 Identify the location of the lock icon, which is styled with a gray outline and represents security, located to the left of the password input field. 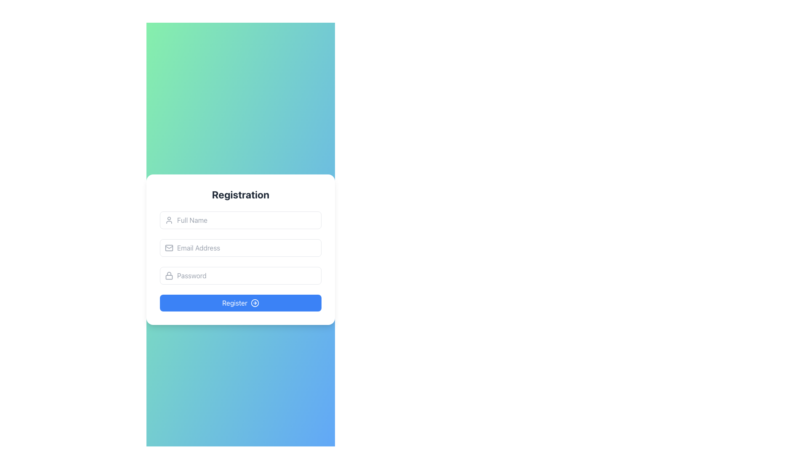
(169, 275).